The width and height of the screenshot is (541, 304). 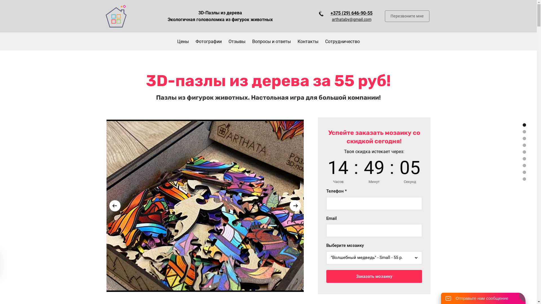 I want to click on 'arthataby@gmail.com', so click(x=332, y=19).